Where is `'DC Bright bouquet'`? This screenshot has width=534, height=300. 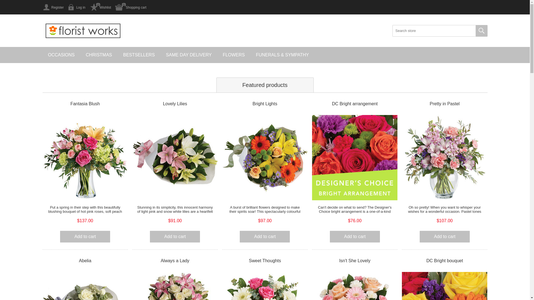 'DC Bright bouquet' is located at coordinates (444, 261).